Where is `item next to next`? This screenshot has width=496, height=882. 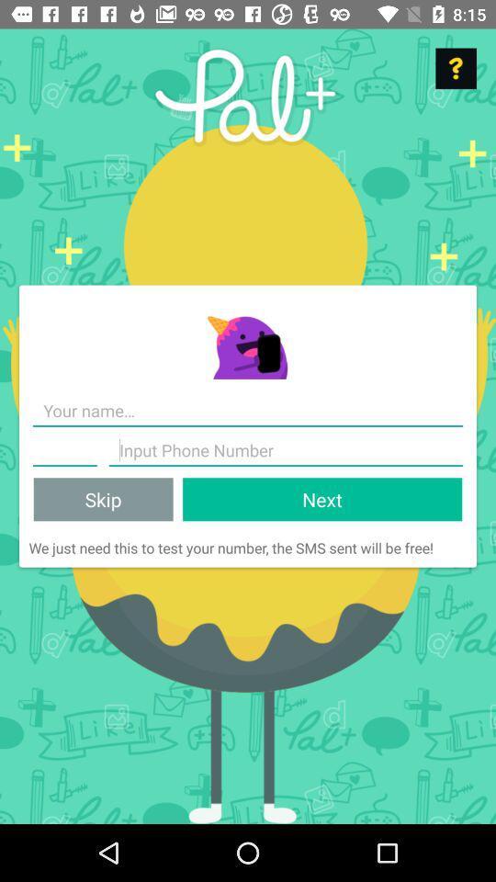 item next to next is located at coordinates (103, 499).